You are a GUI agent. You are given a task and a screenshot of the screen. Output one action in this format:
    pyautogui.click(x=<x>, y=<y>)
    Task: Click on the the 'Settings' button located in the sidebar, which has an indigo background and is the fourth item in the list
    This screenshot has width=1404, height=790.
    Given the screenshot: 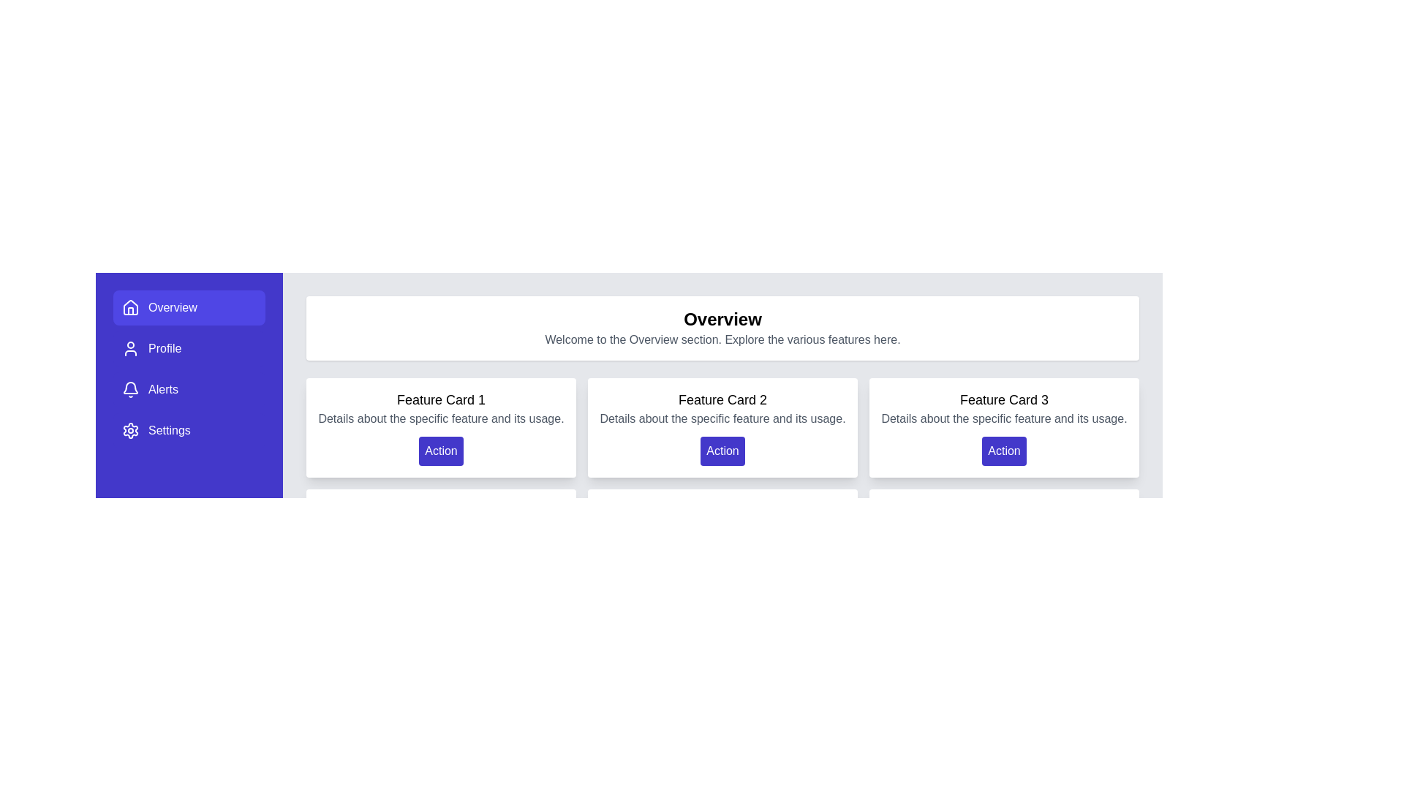 What is the action you would take?
    pyautogui.click(x=189, y=430)
    